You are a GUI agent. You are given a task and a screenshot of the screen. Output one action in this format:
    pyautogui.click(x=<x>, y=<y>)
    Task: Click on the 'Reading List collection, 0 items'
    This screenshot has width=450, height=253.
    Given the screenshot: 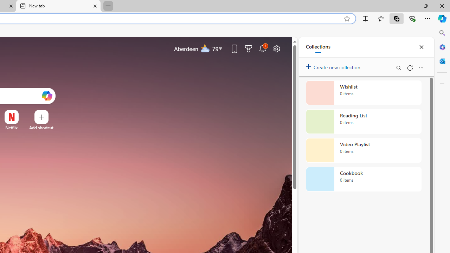 What is the action you would take?
    pyautogui.click(x=364, y=121)
    